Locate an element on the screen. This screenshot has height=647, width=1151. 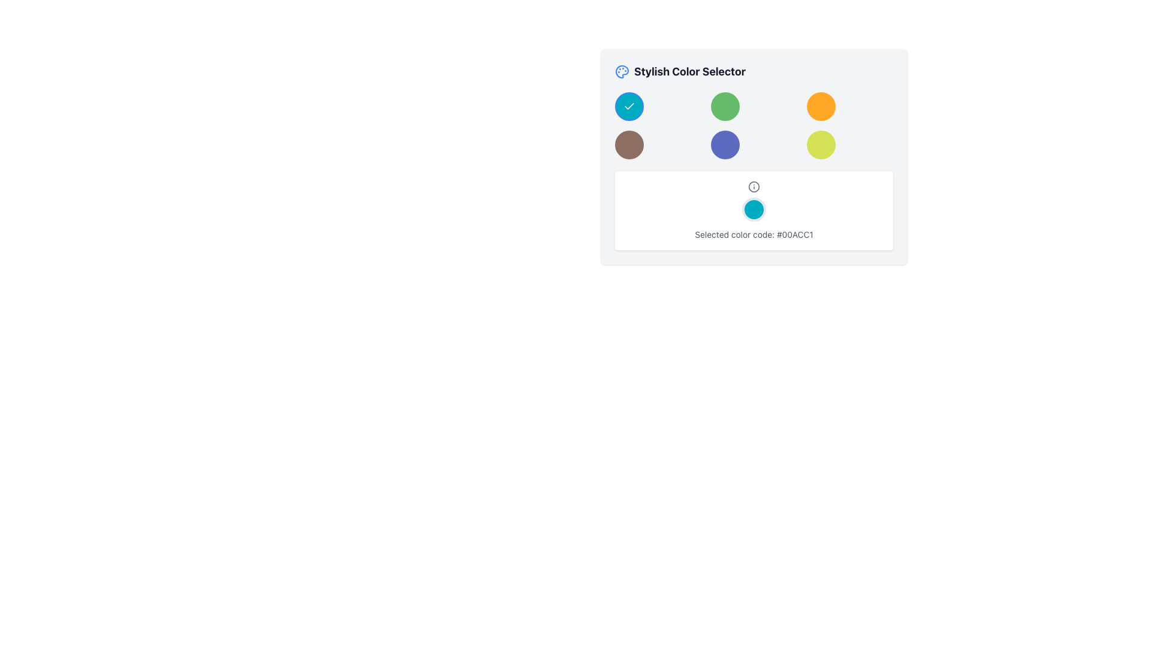
the fifth button in the 3x3 grid of selectable colored buttons is located at coordinates (820, 105).